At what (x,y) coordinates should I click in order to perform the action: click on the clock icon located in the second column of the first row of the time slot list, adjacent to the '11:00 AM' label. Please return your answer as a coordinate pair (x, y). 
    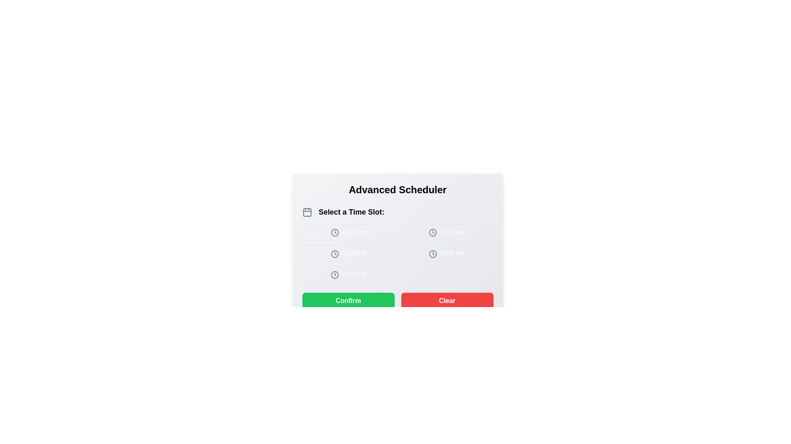
    Looking at the image, I should click on (433, 233).